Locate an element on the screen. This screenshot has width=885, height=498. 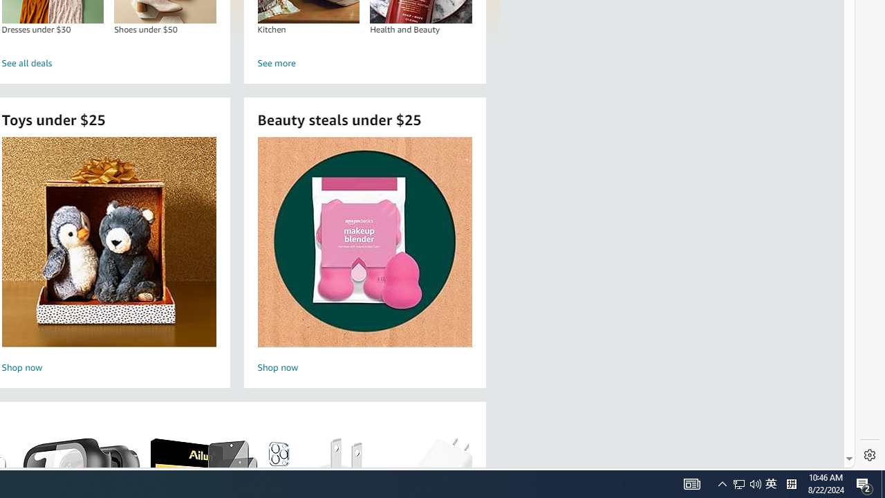
'Beauty steals under $25 Shop now' is located at coordinates (364, 257).